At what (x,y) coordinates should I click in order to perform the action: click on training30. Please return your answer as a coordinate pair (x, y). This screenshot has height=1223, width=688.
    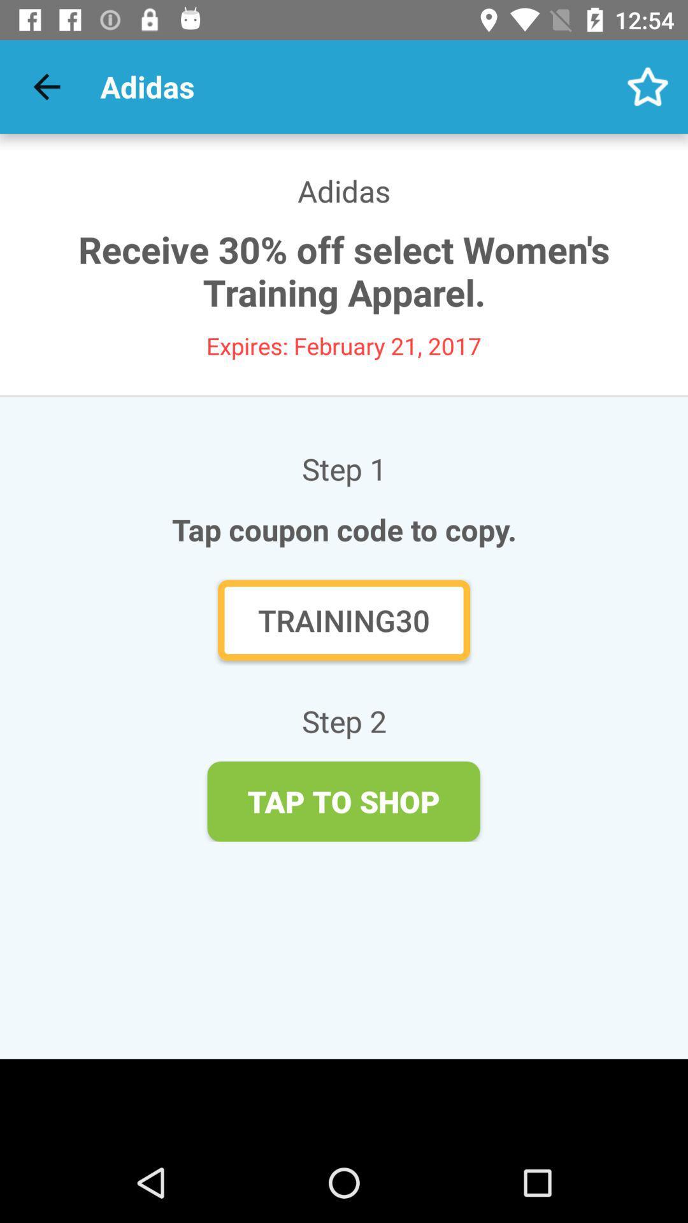
    Looking at the image, I should click on (344, 620).